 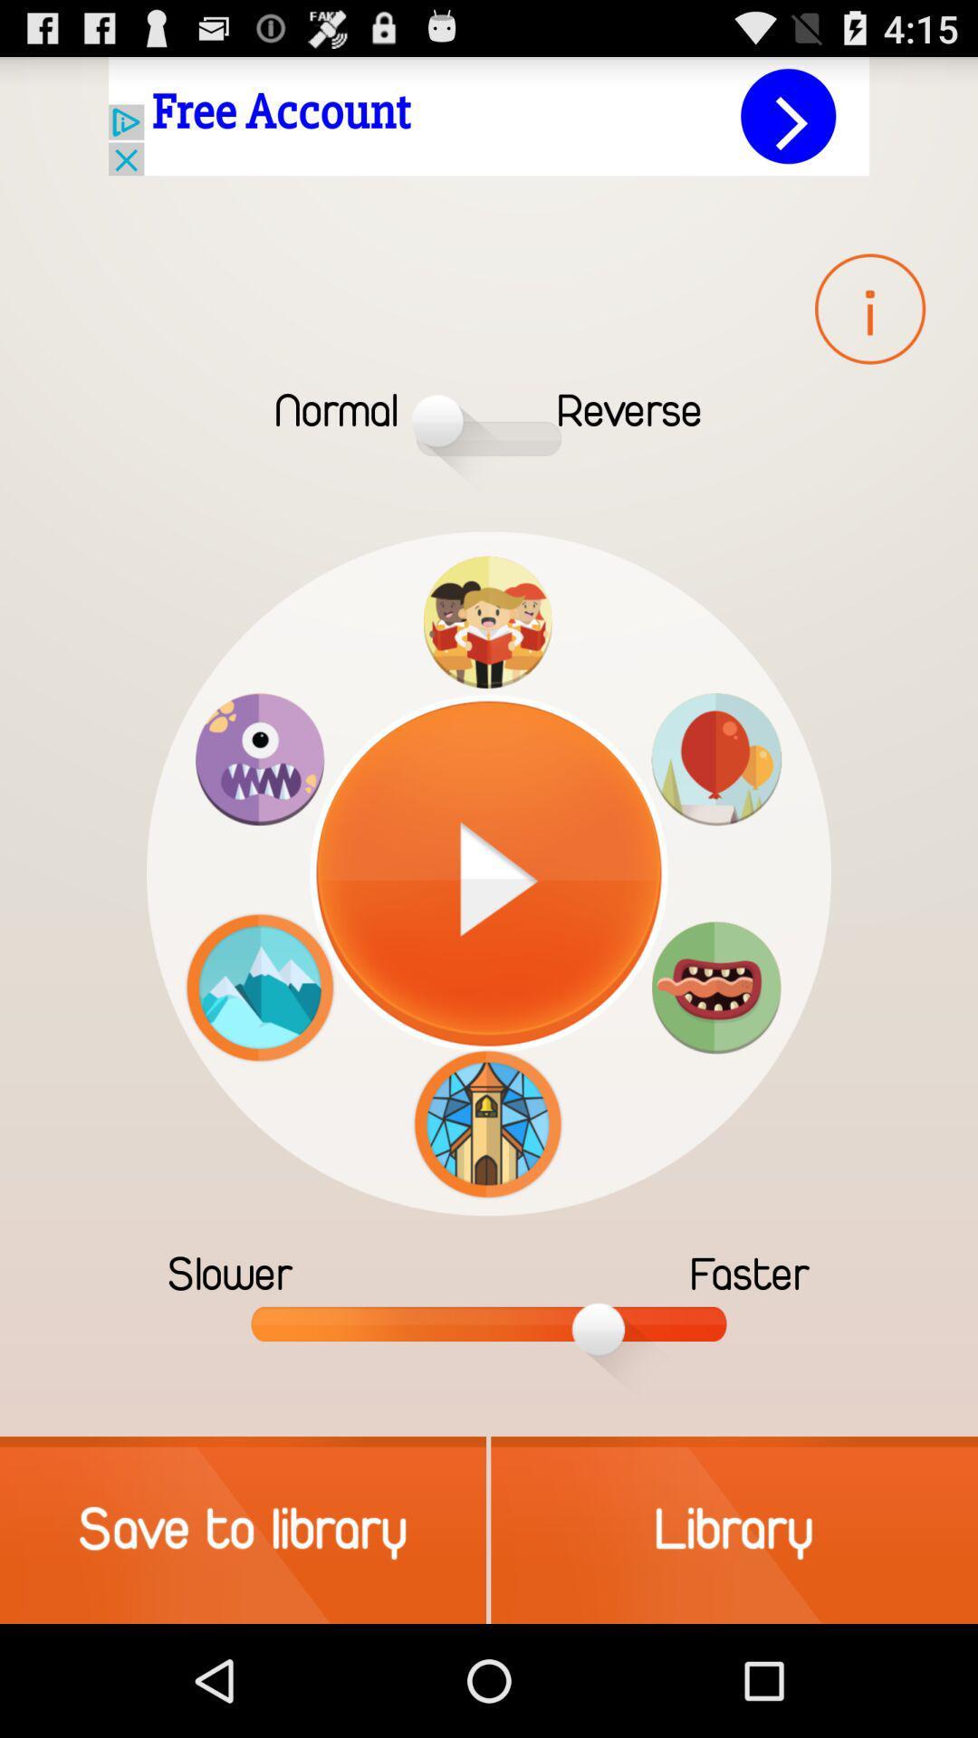 I want to click on play button, so click(x=489, y=874).